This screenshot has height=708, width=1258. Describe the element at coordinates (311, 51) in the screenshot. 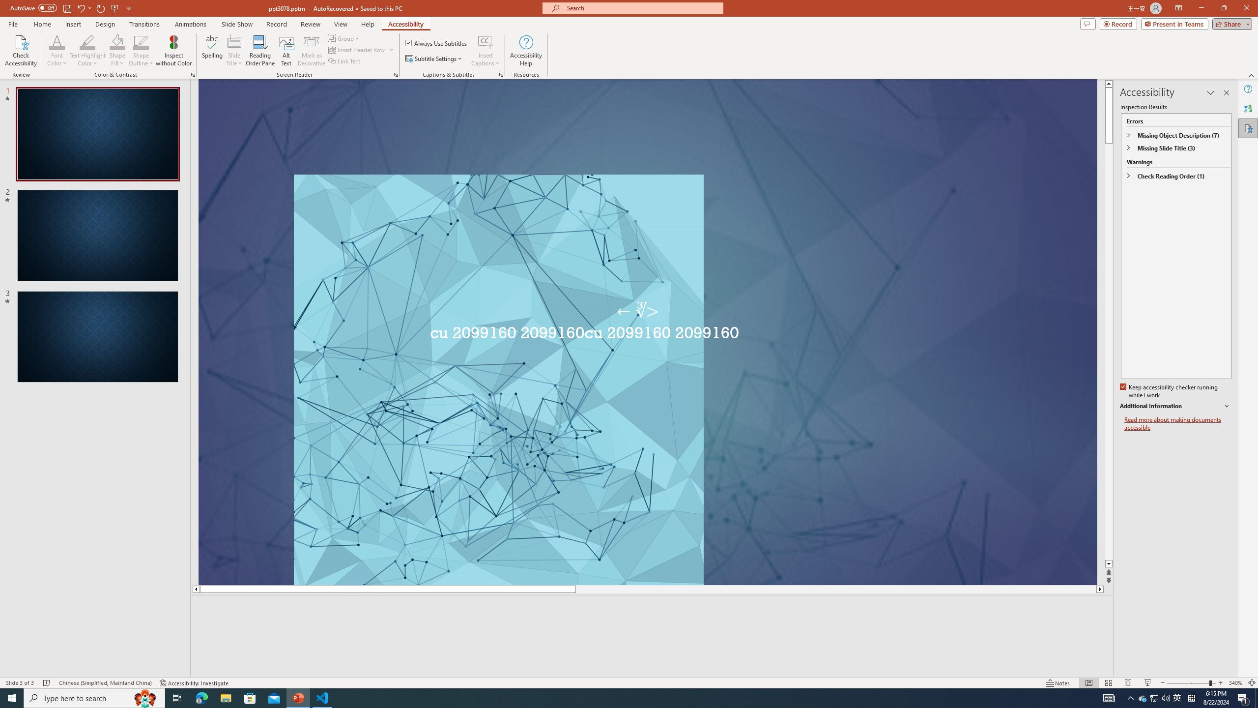

I see `'Mark as Decorative'` at that location.